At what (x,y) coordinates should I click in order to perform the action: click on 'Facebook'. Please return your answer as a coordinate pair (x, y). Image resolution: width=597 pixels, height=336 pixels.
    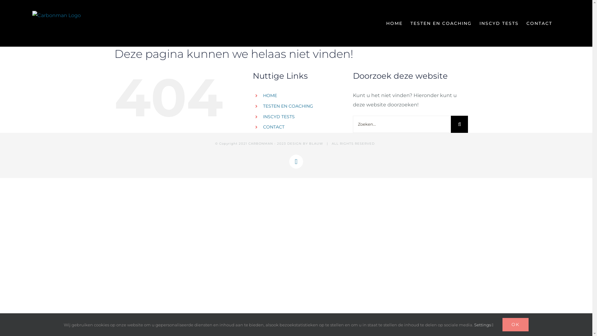
    Looking at the image, I should click on (296, 161).